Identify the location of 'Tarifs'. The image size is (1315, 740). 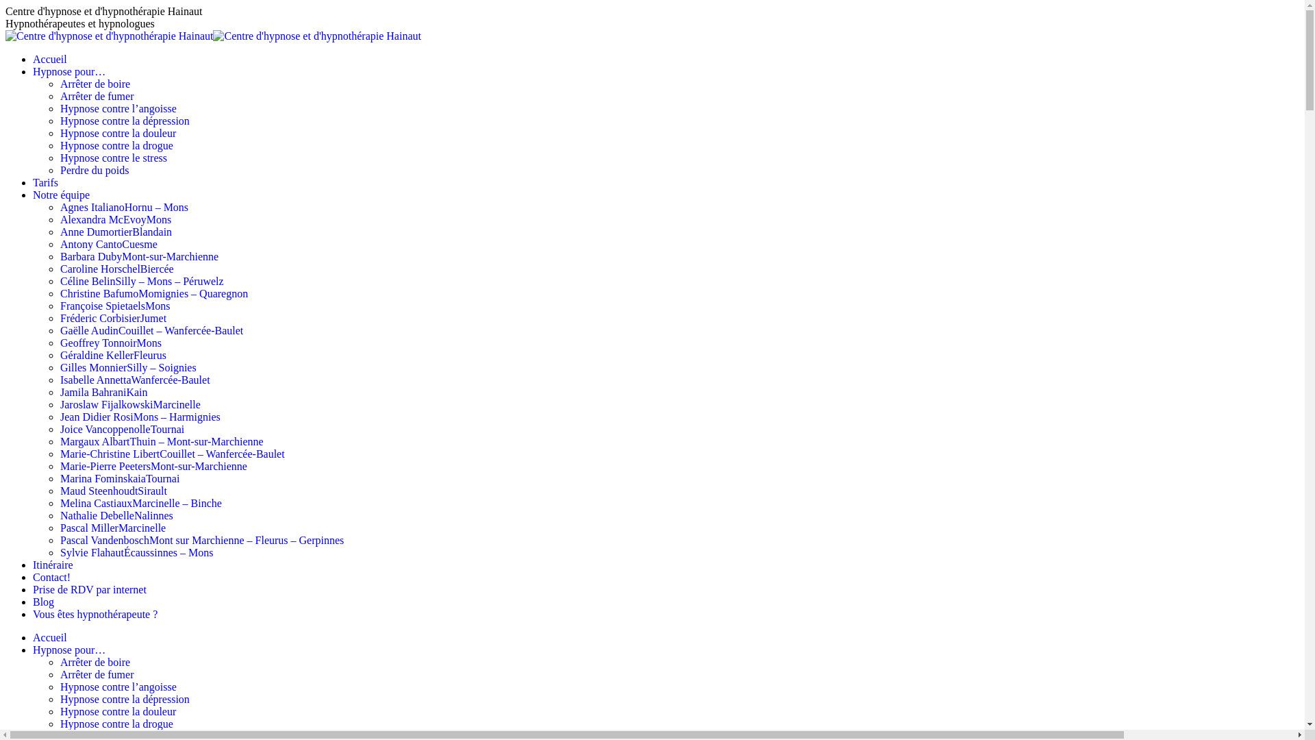
(33, 182).